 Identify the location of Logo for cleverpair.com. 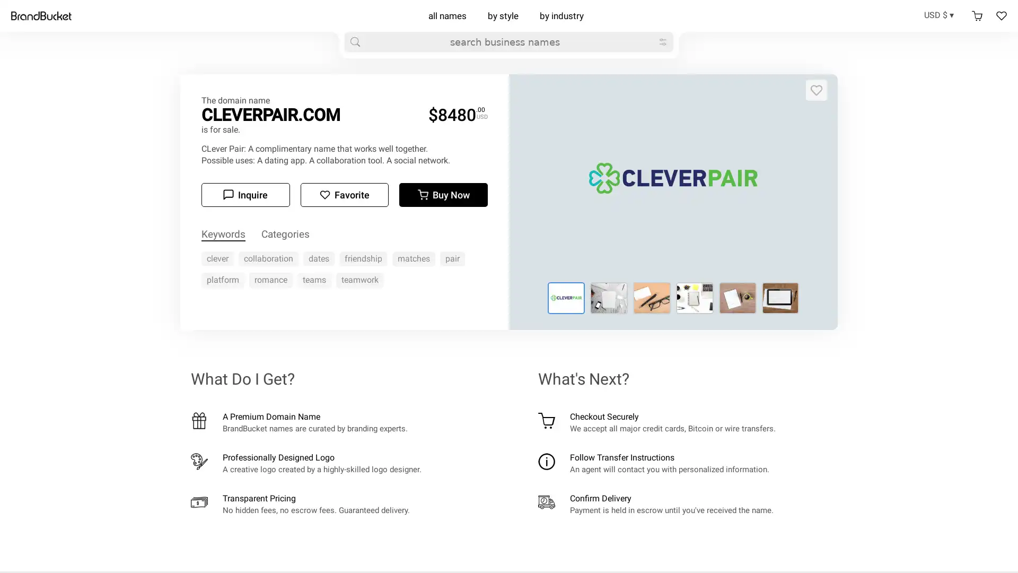
(609, 297).